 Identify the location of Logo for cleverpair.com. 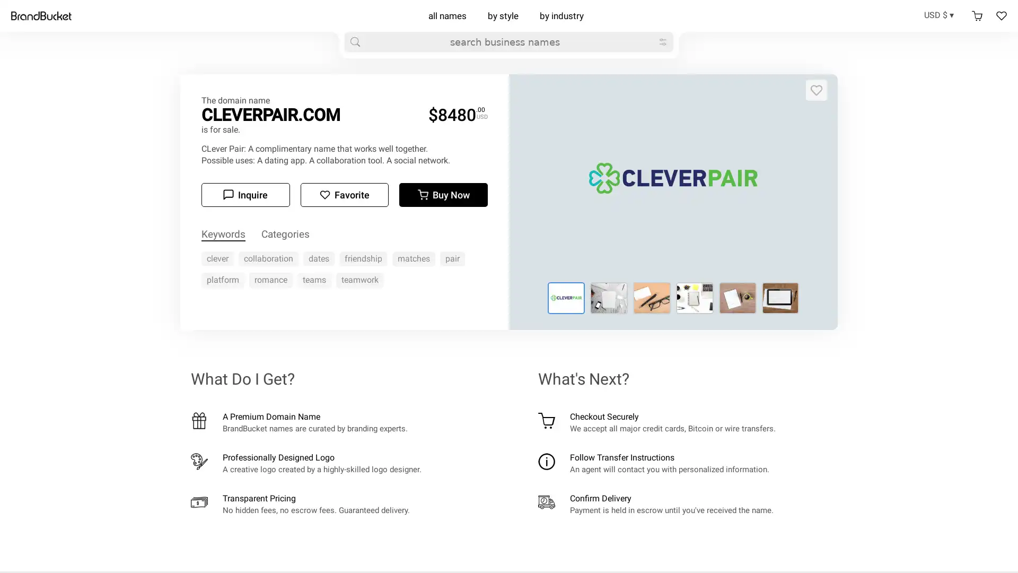
(609, 297).